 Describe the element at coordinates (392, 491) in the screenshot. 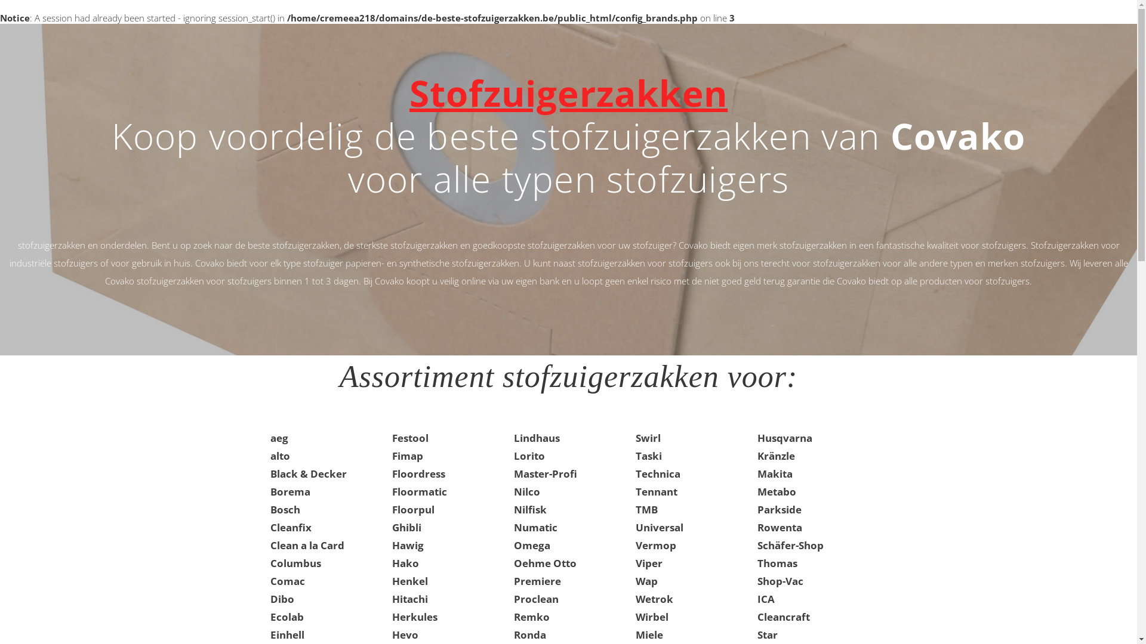

I see `'Floormatic'` at that location.